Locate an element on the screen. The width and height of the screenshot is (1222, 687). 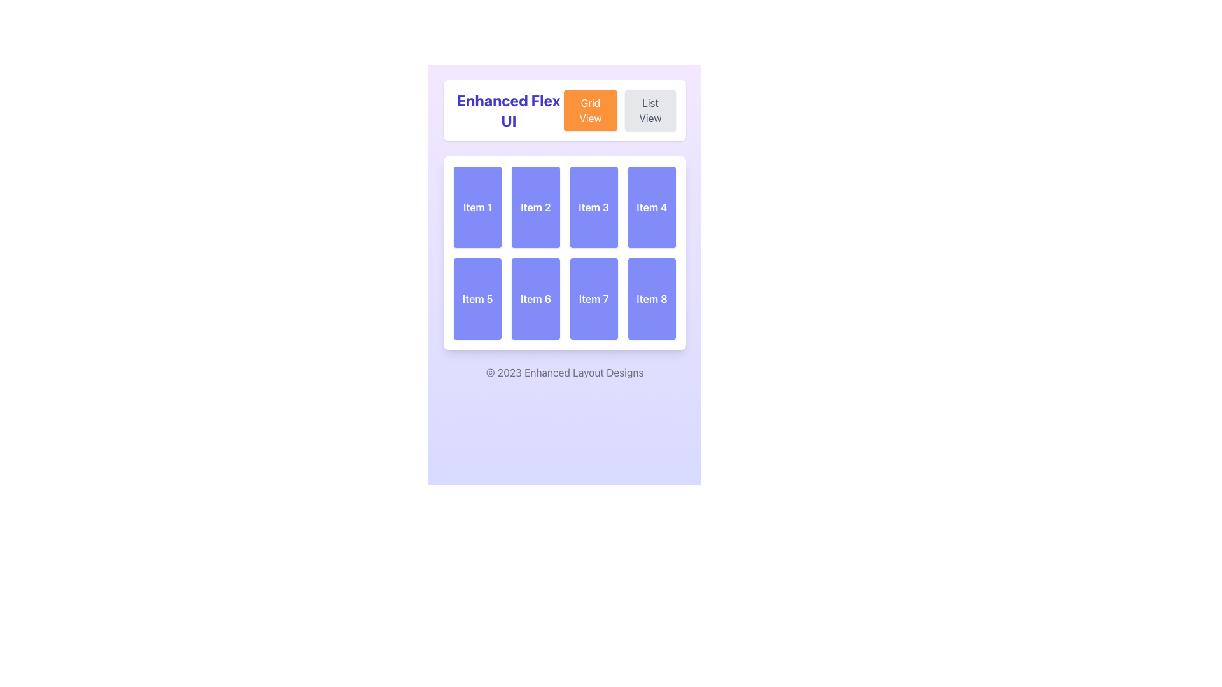
the 'List View' button, which is a rectangular button with a light gray background and rounded corners is located at coordinates (650, 109).